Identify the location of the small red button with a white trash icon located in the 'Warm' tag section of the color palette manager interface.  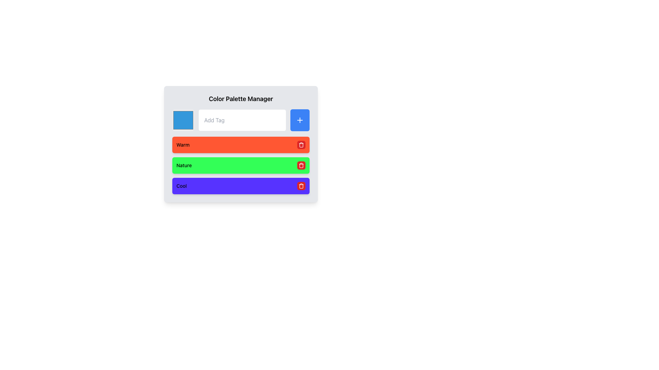
(301, 145).